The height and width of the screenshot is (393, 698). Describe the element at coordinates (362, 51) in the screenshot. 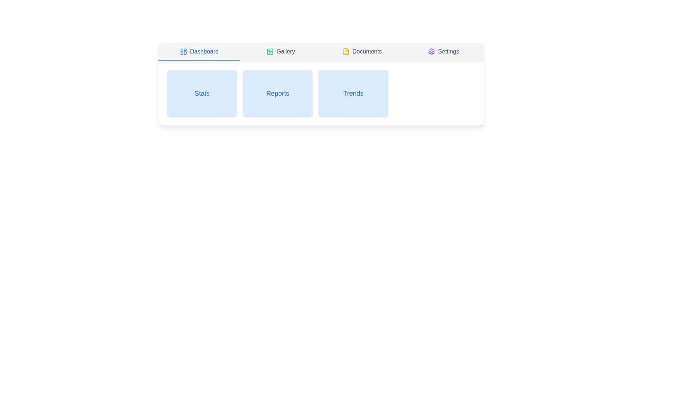

I see `the 'Documents' tab button in the navigation bar` at that location.